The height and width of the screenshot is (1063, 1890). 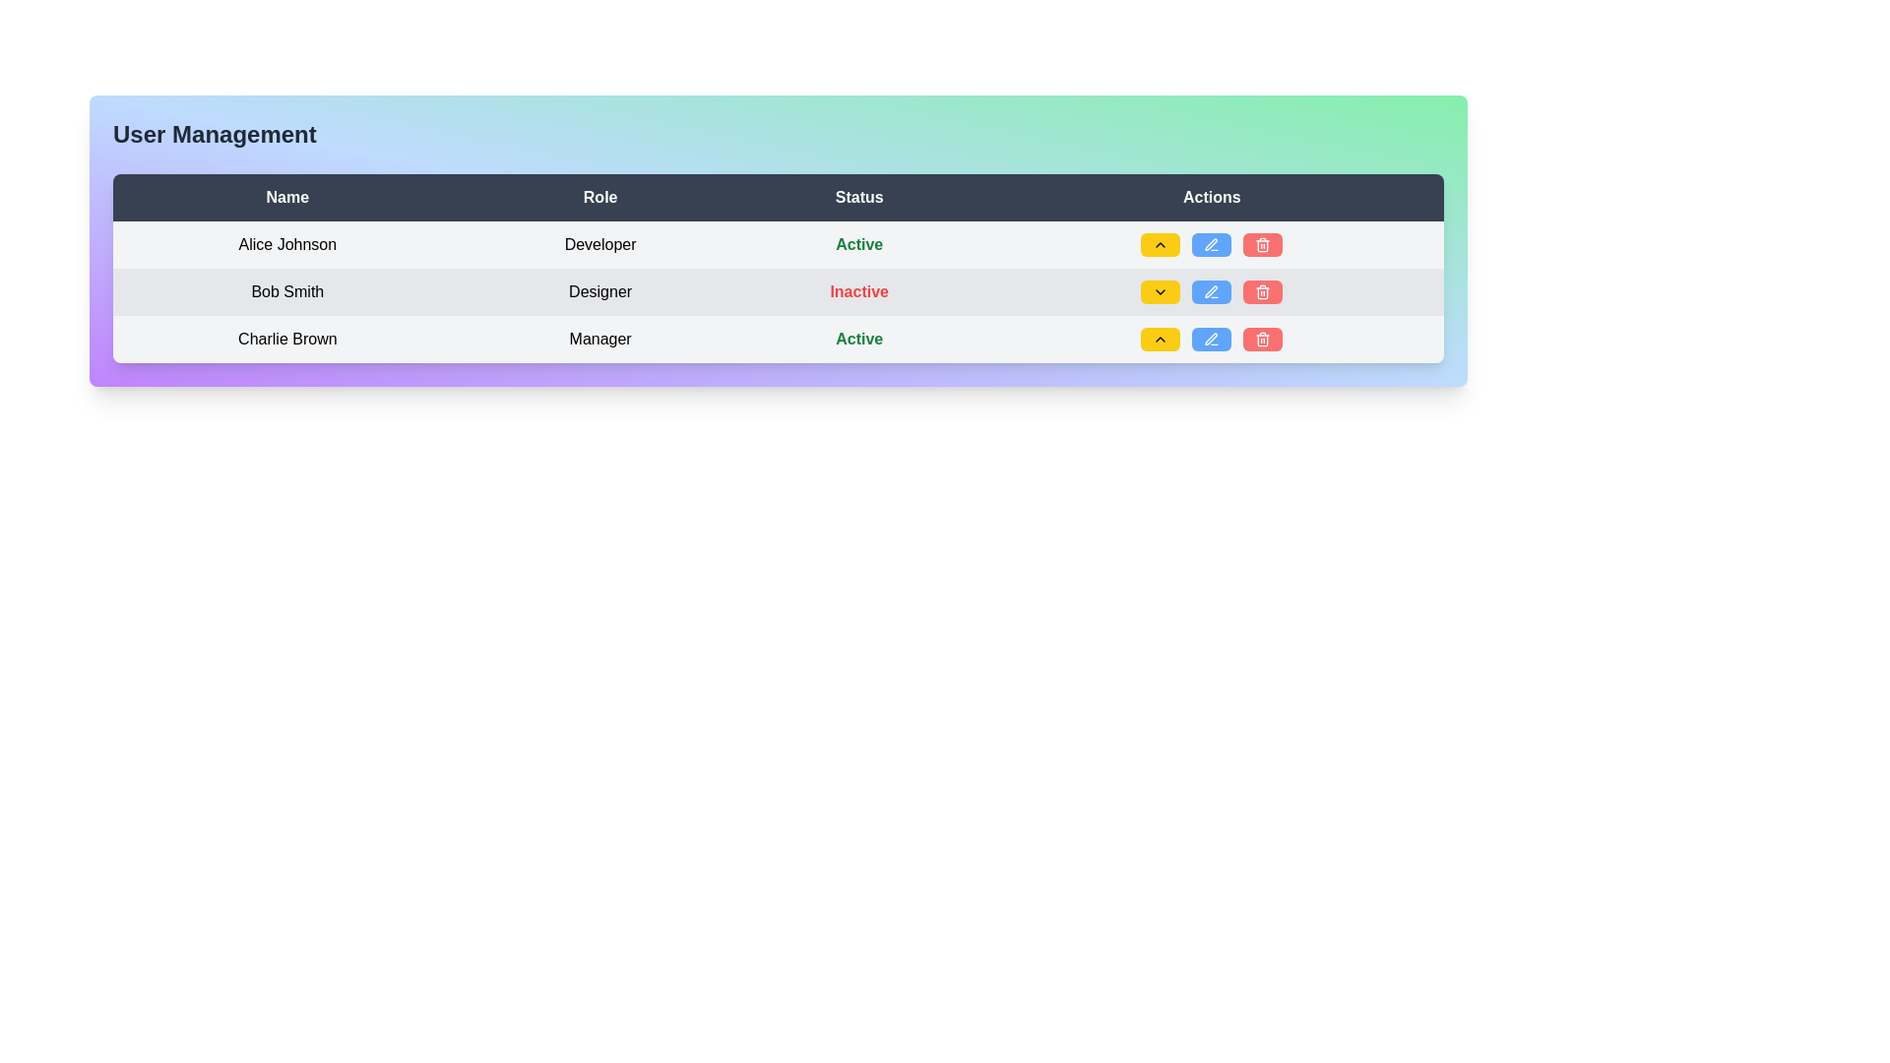 I want to click on the small red trash can icon in the Actions column of the second row of the user management table, so click(x=1263, y=292).